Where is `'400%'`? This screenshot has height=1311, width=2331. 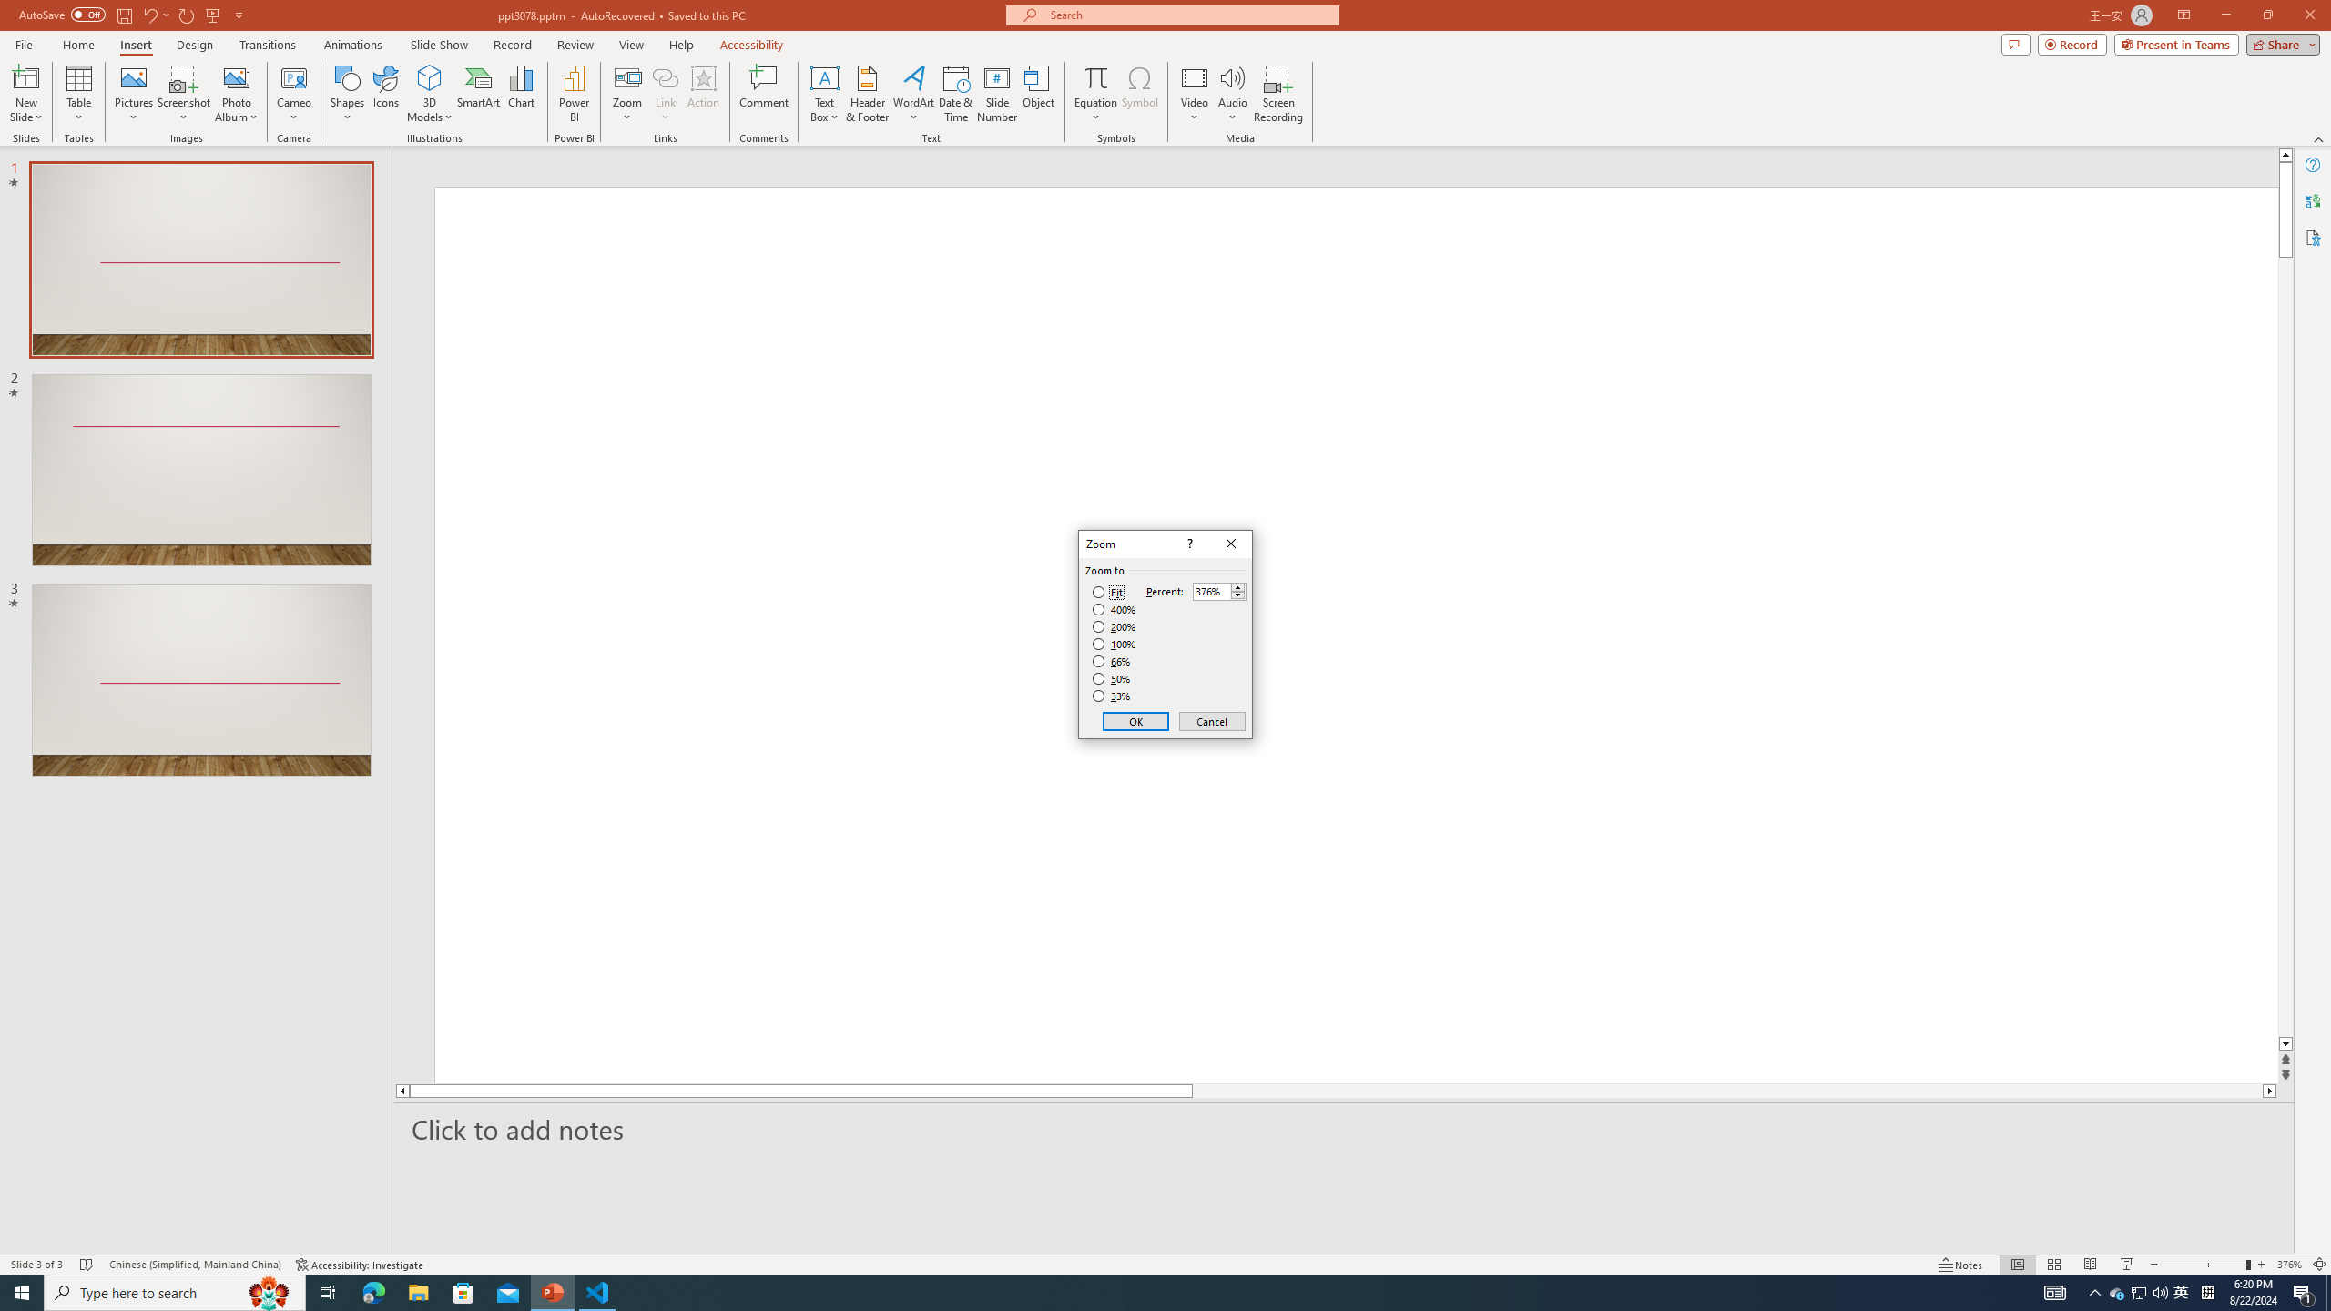
'400%' is located at coordinates (1114, 610).